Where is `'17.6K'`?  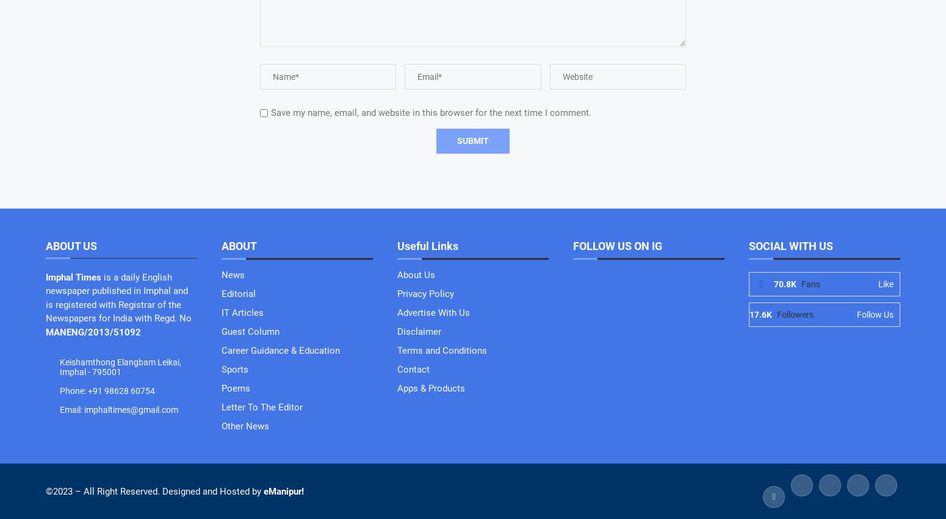
'17.6K' is located at coordinates (760, 314).